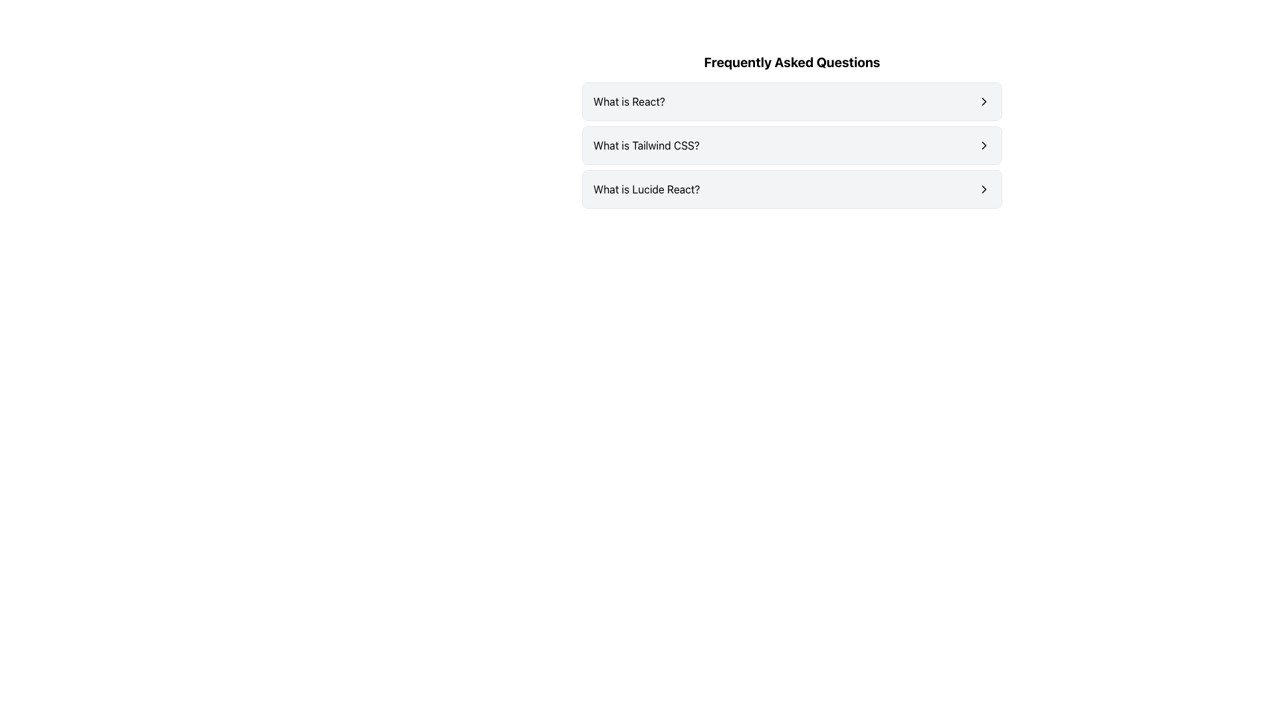  What do you see at coordinates (792, 101) in the screenshot?
I see `the first button in the 'Frequently Asked Questions' section to observe the color change` at bounding box center [792, 101].